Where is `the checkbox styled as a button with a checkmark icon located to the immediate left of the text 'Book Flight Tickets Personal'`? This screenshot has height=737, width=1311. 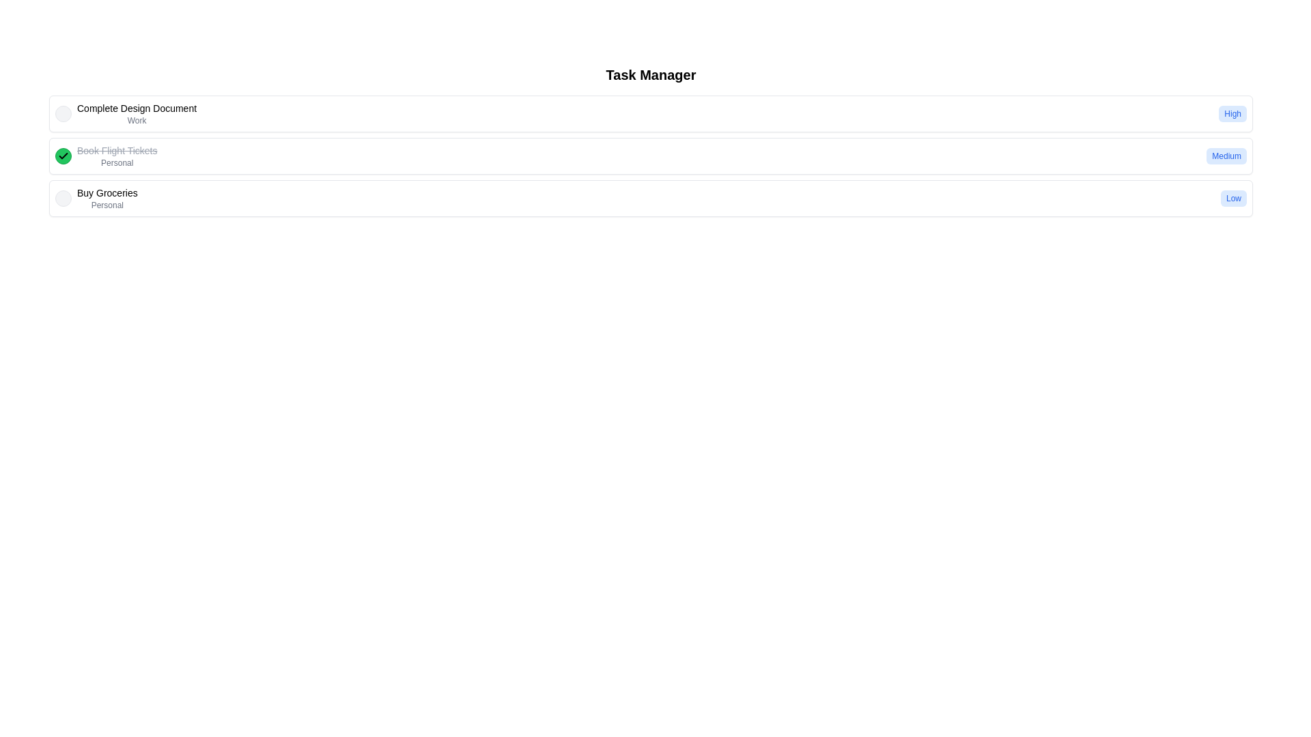
the checkbox styled as a button with a checkmark icon located to the immediate left of the text 'Book Flight Tickets Personal' is located at coordinates (62, 155).